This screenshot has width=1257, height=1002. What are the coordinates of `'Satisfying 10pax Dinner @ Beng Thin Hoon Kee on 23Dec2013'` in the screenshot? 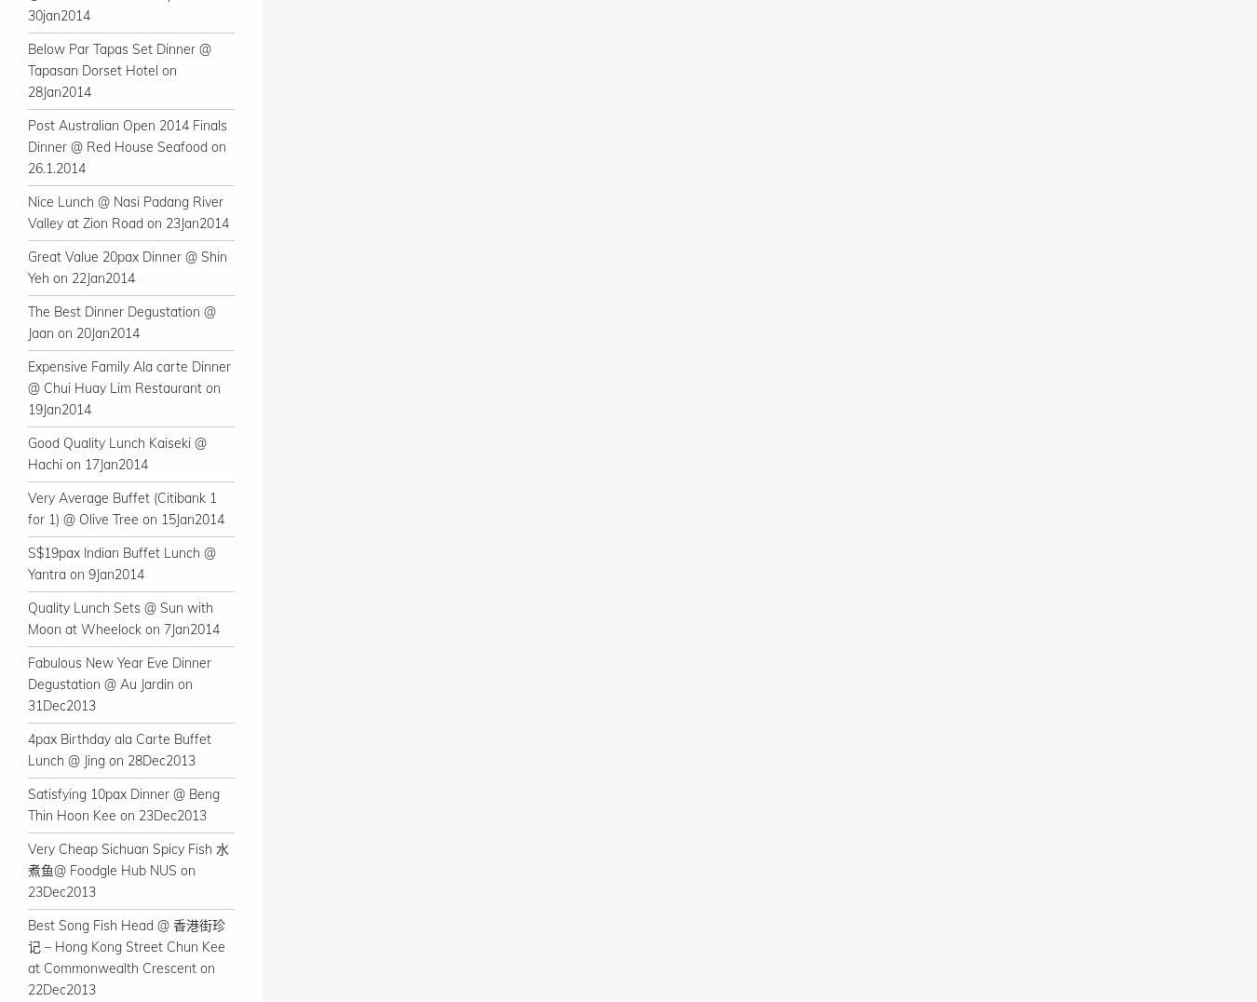 It's located at (123, 805).